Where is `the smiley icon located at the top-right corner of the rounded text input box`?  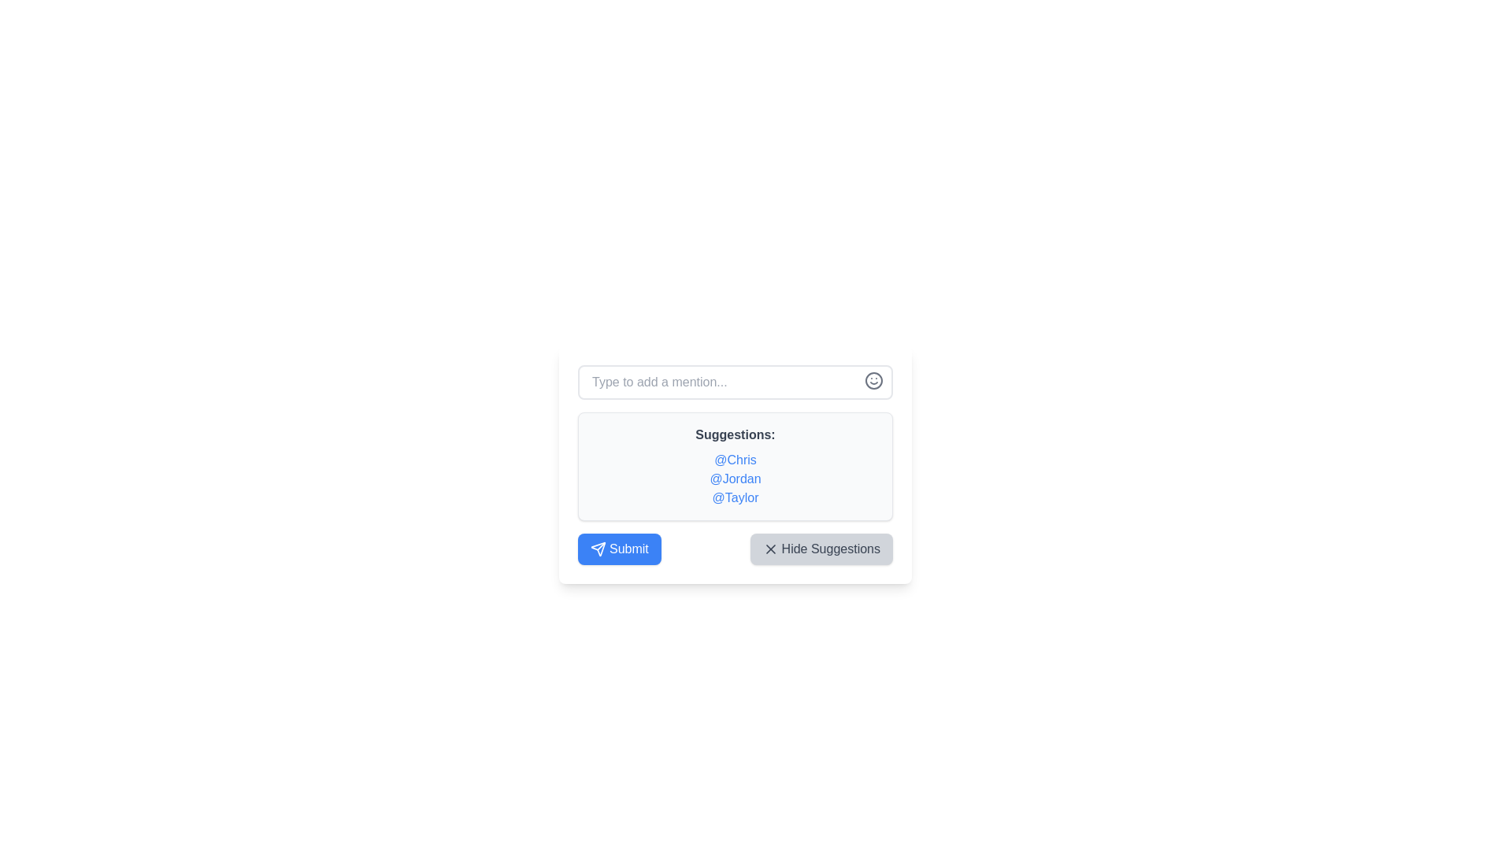
the smiley icon located at the top-right corner of the rounded text input box is located at coordinates (873, 380).